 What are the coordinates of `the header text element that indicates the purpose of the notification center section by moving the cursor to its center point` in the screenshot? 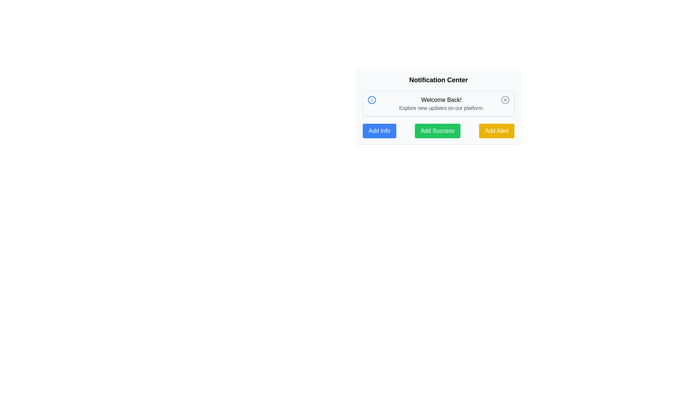 It's located at (438, 80).